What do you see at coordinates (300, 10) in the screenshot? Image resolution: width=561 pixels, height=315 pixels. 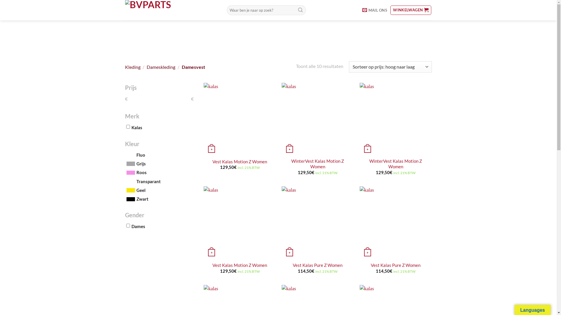 I see `'Zoeken'` at bounding box center [300, 10].